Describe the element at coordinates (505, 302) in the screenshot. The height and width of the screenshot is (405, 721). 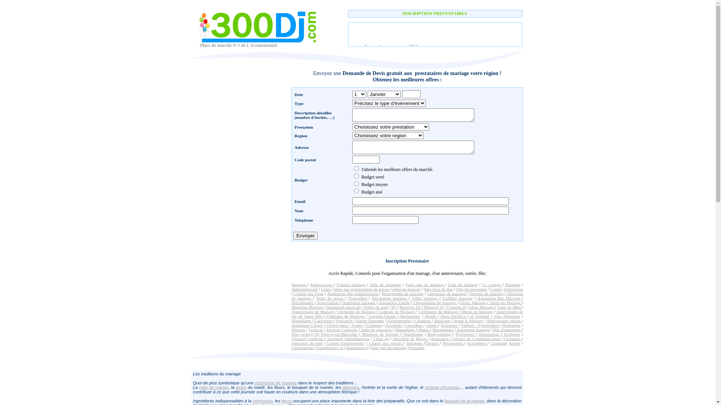
I see `'Salon du Mariage'` at that location.